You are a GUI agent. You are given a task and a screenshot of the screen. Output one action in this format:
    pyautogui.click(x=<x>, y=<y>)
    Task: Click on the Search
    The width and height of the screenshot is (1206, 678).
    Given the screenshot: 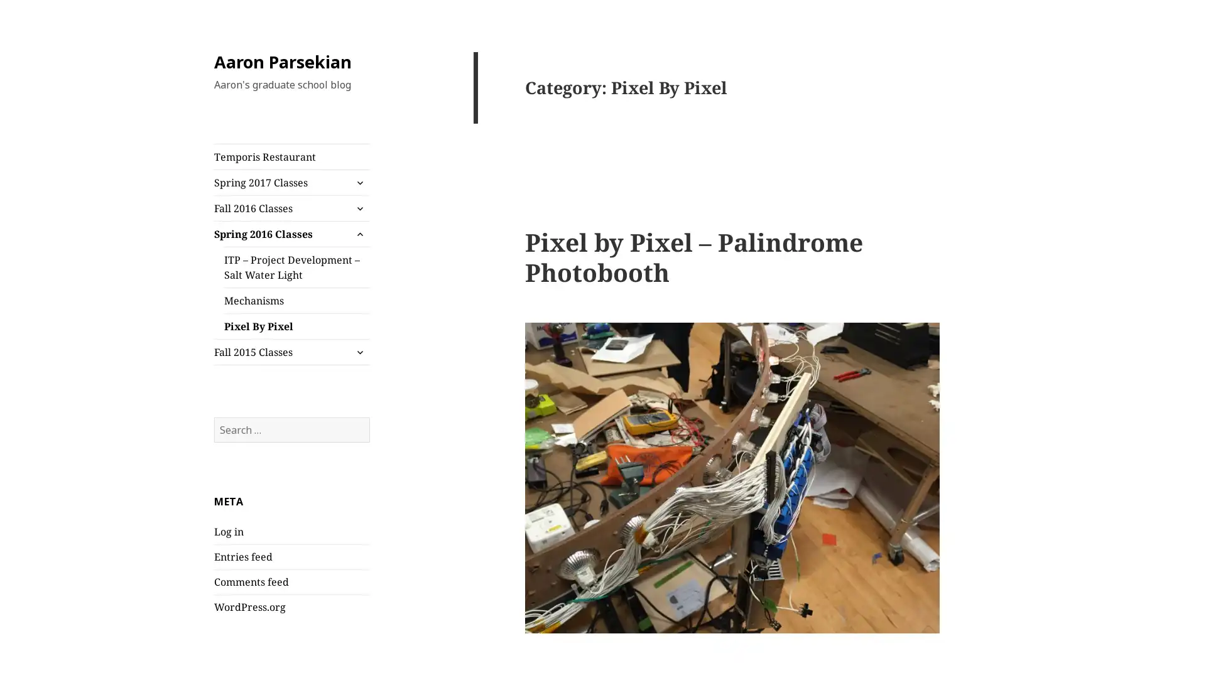 What is the action you would take?
    pyautogui.click(x=368, y=416)
    